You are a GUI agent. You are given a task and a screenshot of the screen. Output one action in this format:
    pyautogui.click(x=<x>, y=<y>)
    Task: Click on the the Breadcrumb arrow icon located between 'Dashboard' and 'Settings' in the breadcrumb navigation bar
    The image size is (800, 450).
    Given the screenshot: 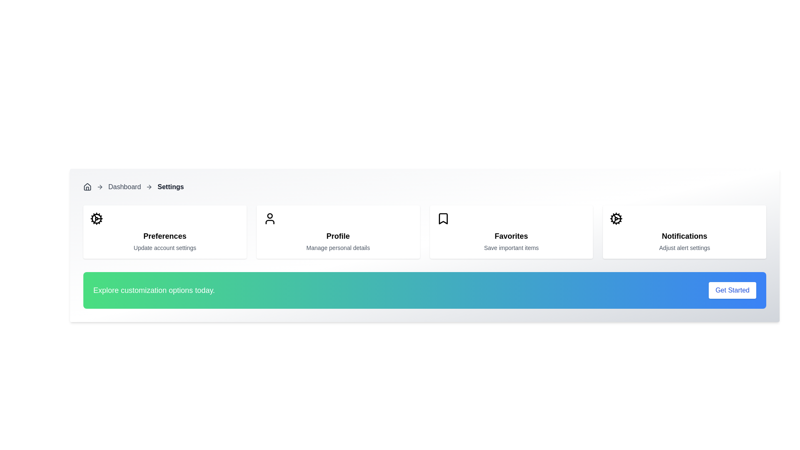 What is the action you would take?
    pyautogui.click(x=100, y=186)
    